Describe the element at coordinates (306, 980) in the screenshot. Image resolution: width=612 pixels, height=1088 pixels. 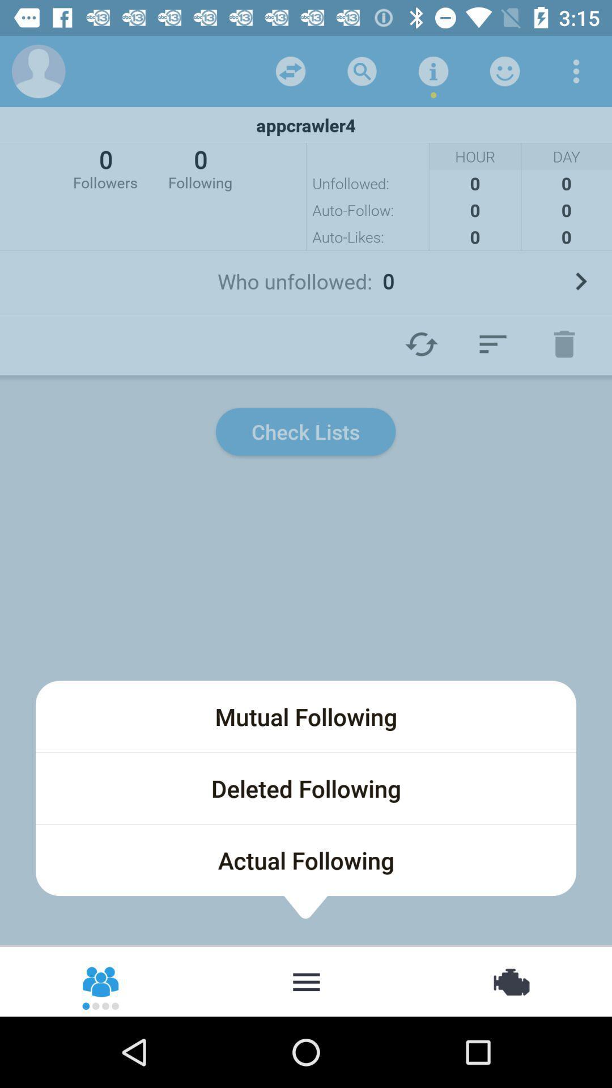
I see `burger menu for following` at that location.